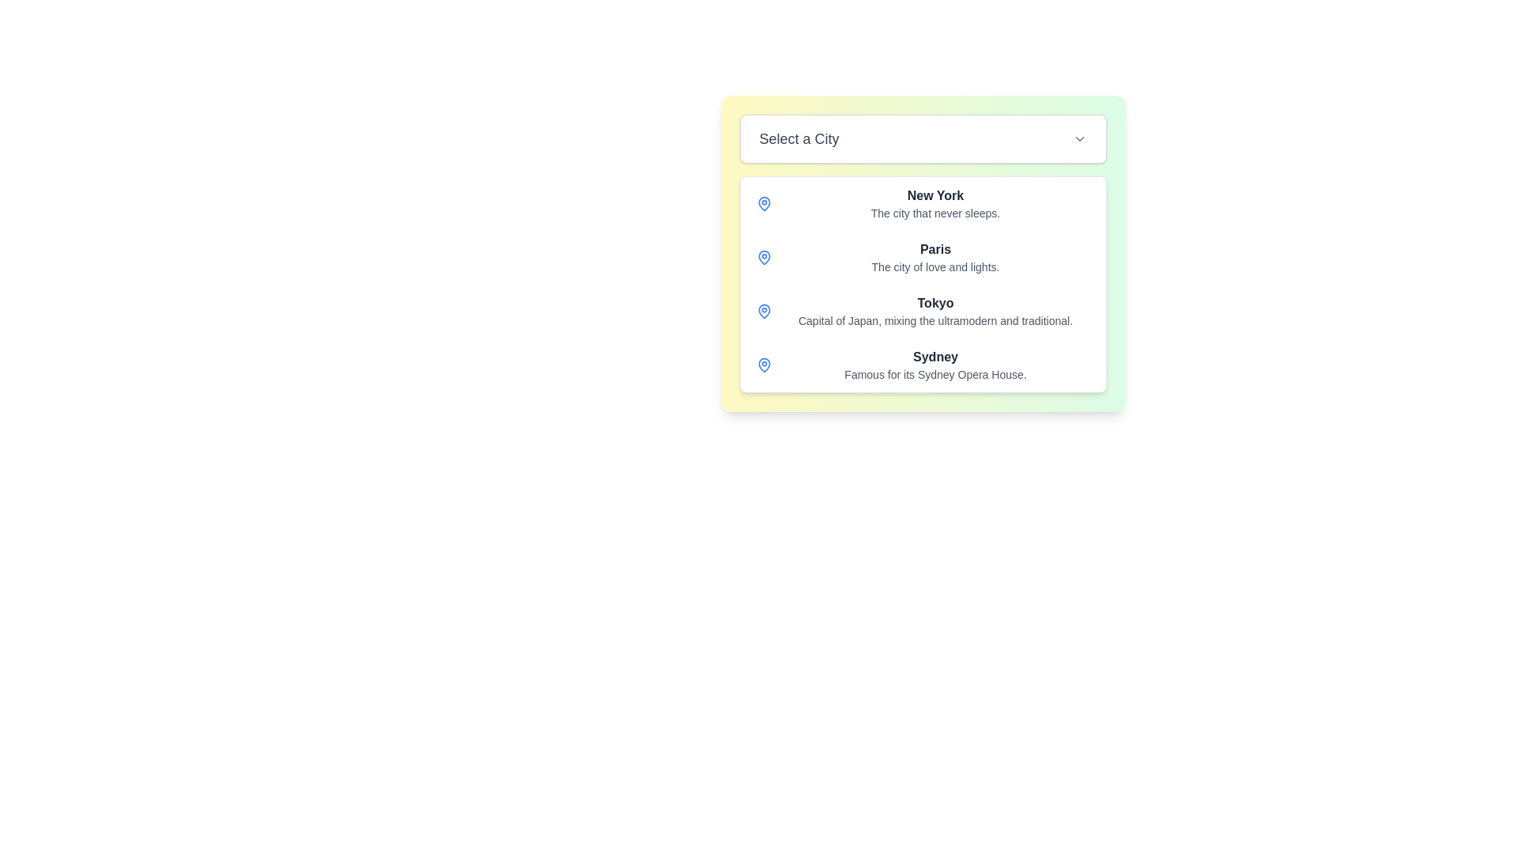 The height and width of the screenshot is (854, 1518). Describe the element at coordinates (935, 266) in the screenshot. I see `the text label that provides descriptive information about the city 'Paris', located directly under the bolded 'Paris' label in the dropdown menu` at that location.